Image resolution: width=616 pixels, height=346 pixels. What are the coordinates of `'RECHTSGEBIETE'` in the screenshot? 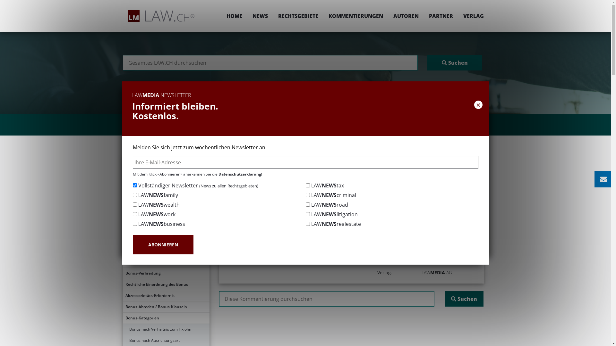 It's located at (272, 16).